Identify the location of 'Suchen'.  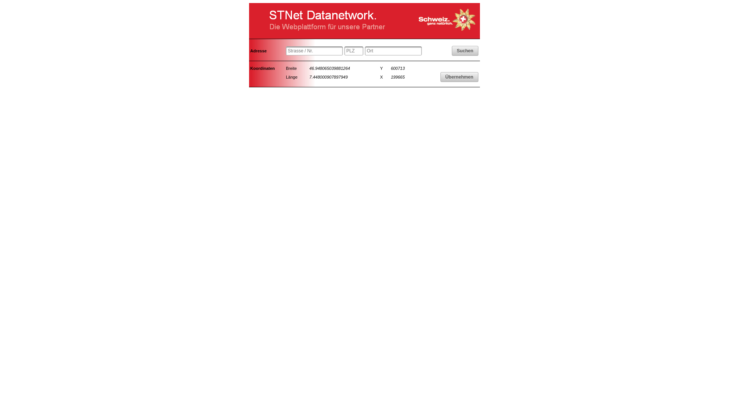
(452, 51).